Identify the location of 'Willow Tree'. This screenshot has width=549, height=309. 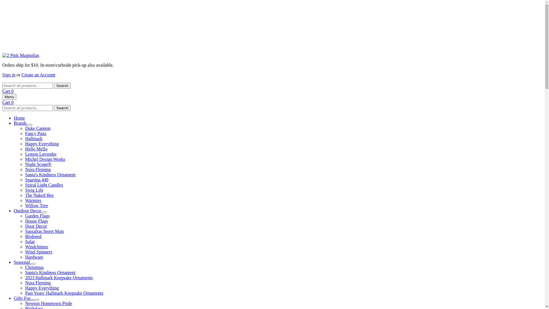
(36, 205).